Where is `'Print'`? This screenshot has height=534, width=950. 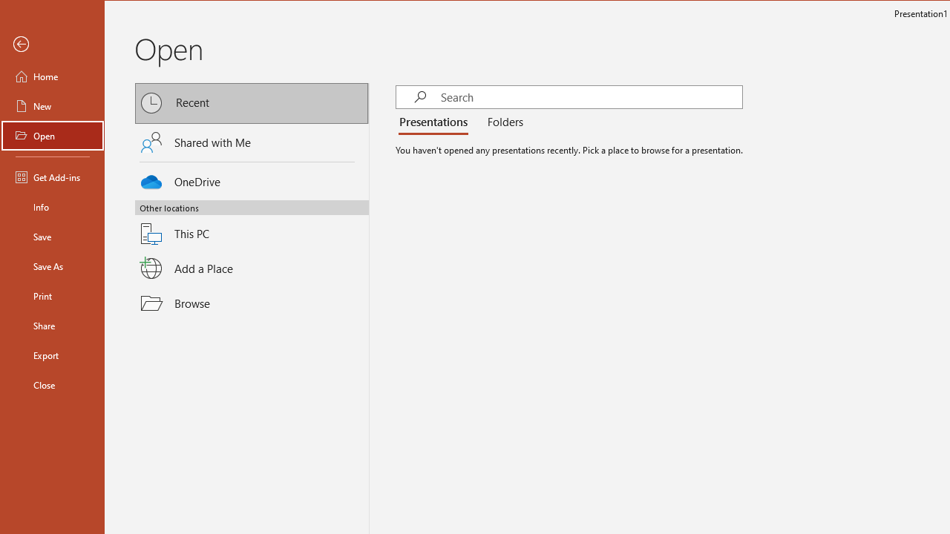
'Print' is located at coordinates (53, 295).